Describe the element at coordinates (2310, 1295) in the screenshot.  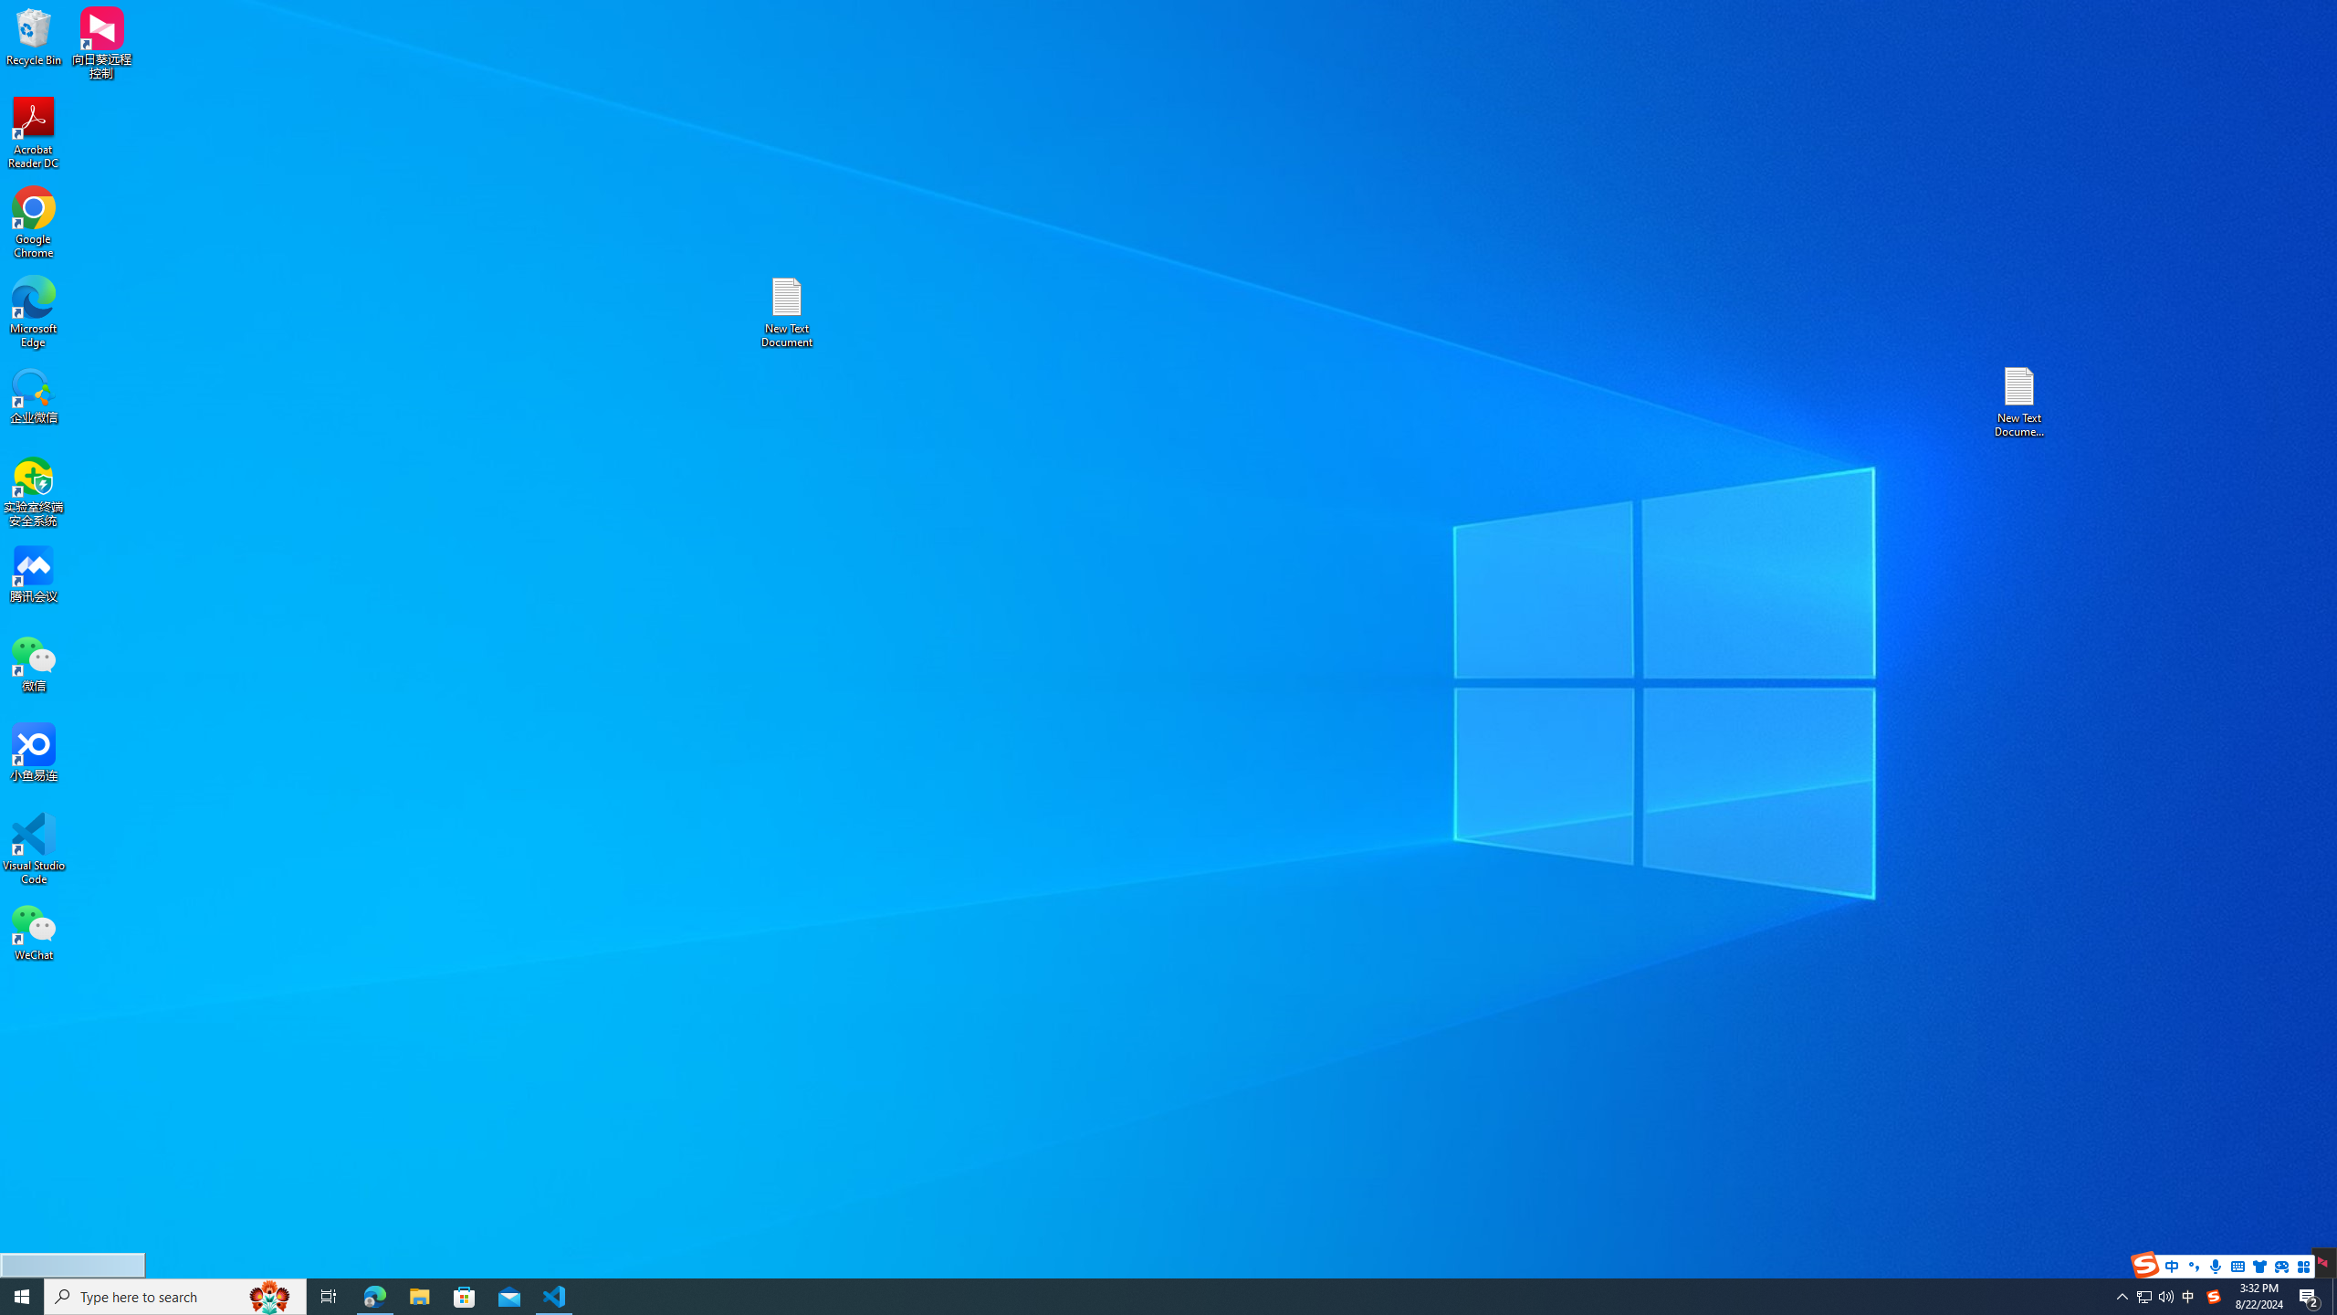
I see `'Action Center, 2 new notifications'` at that location.